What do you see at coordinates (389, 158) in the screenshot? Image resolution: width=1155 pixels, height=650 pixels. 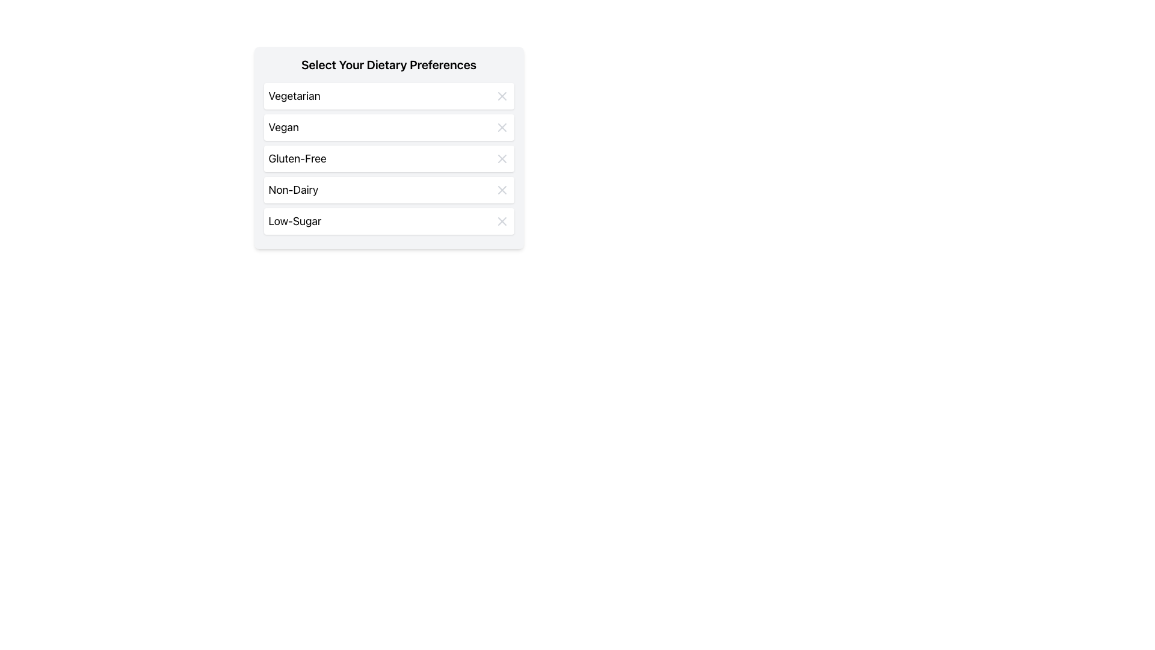 I see `the 'Gluten-Free' list item` at bounding box center [389, 158].